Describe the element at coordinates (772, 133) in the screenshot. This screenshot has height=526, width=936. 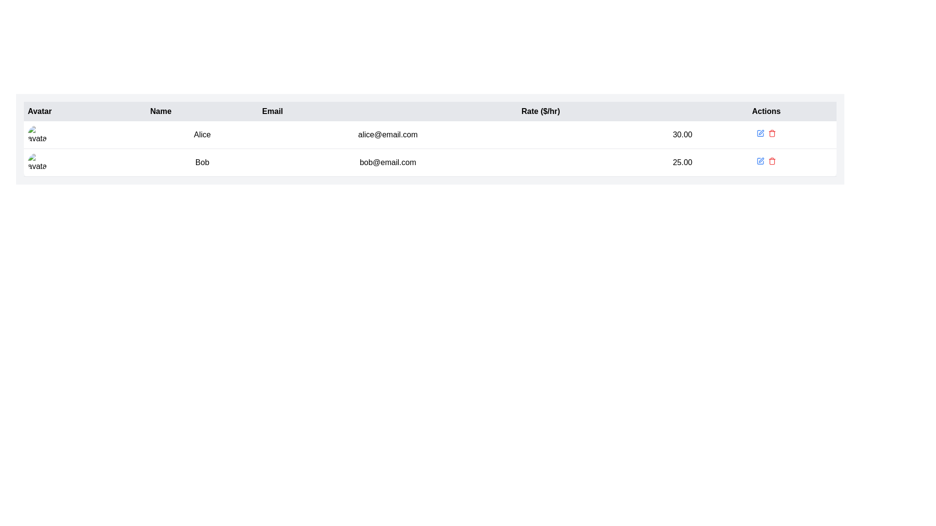
I see `the trash can icon located in the 'Actions' column, second row` at that location.